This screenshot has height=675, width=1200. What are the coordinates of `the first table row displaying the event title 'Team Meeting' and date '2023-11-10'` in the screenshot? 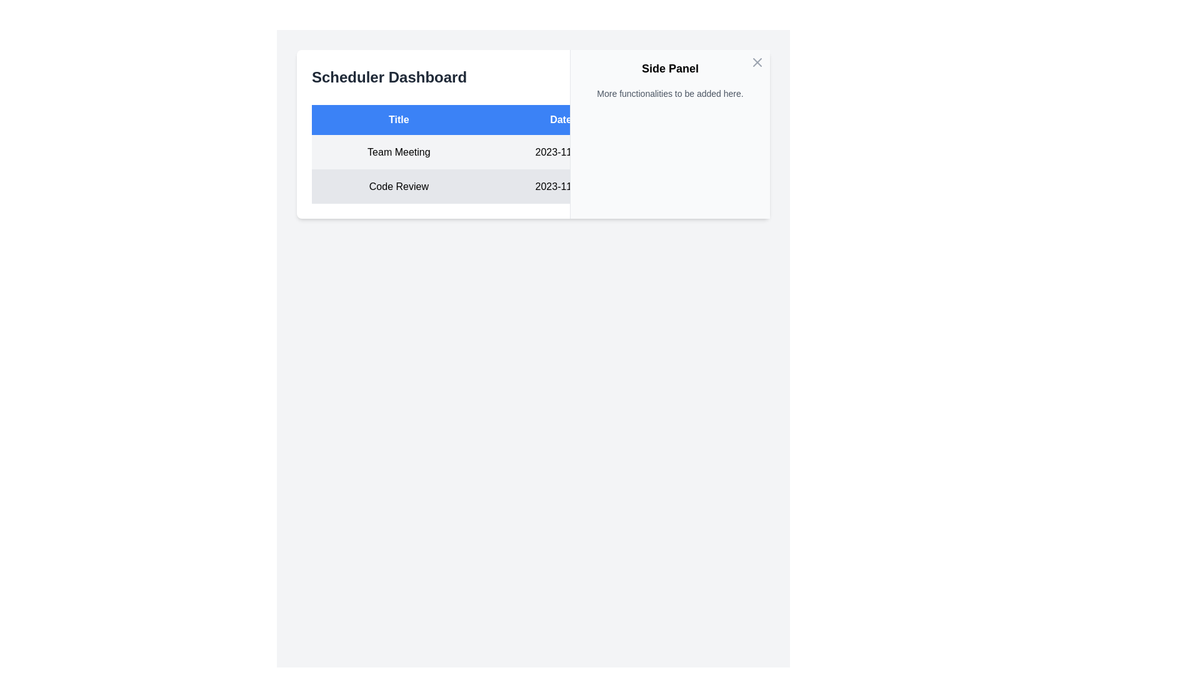 It's located at (533, 151).